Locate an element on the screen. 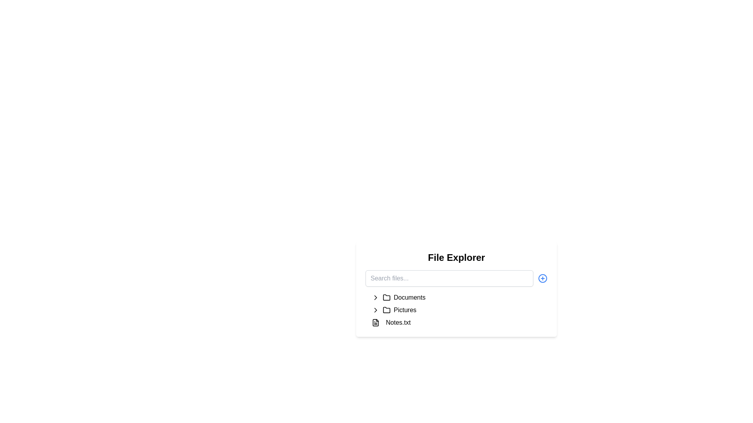 This screenshot has width=753, height=423. the circular button with a blue outlined circle and a blue plus symbol, located immediately to the right of the 'Search files...' input field is located at coordinates (542, 278).